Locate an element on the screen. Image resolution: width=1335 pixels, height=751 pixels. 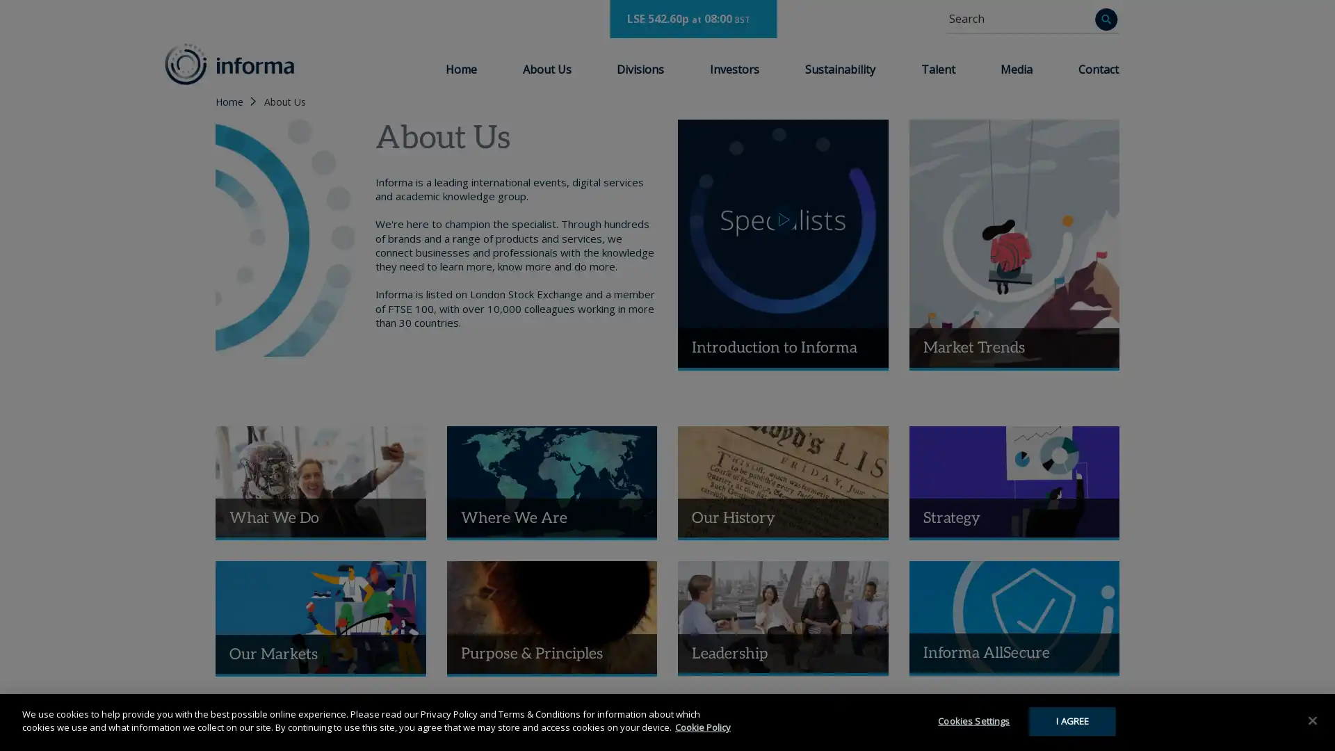
Close is located at coordinates (1311, 720).